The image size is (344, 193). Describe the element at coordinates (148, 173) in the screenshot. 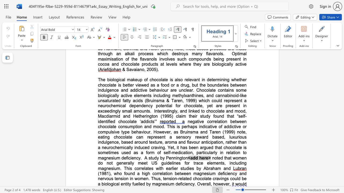

I see `the subset text "h correlation between magnesium deficiency and nervous tension in women. Thus, tension-related chocolate cravings could be a biological entity fuelled by magnesi" within the text "(1981), who found a high correlation between magnesium deficiency and nervous tension in women. Thus, tension-related chocolate cravings could be a biological entity fuelled by magnesium deficiency. Overall, however,"` at that location.